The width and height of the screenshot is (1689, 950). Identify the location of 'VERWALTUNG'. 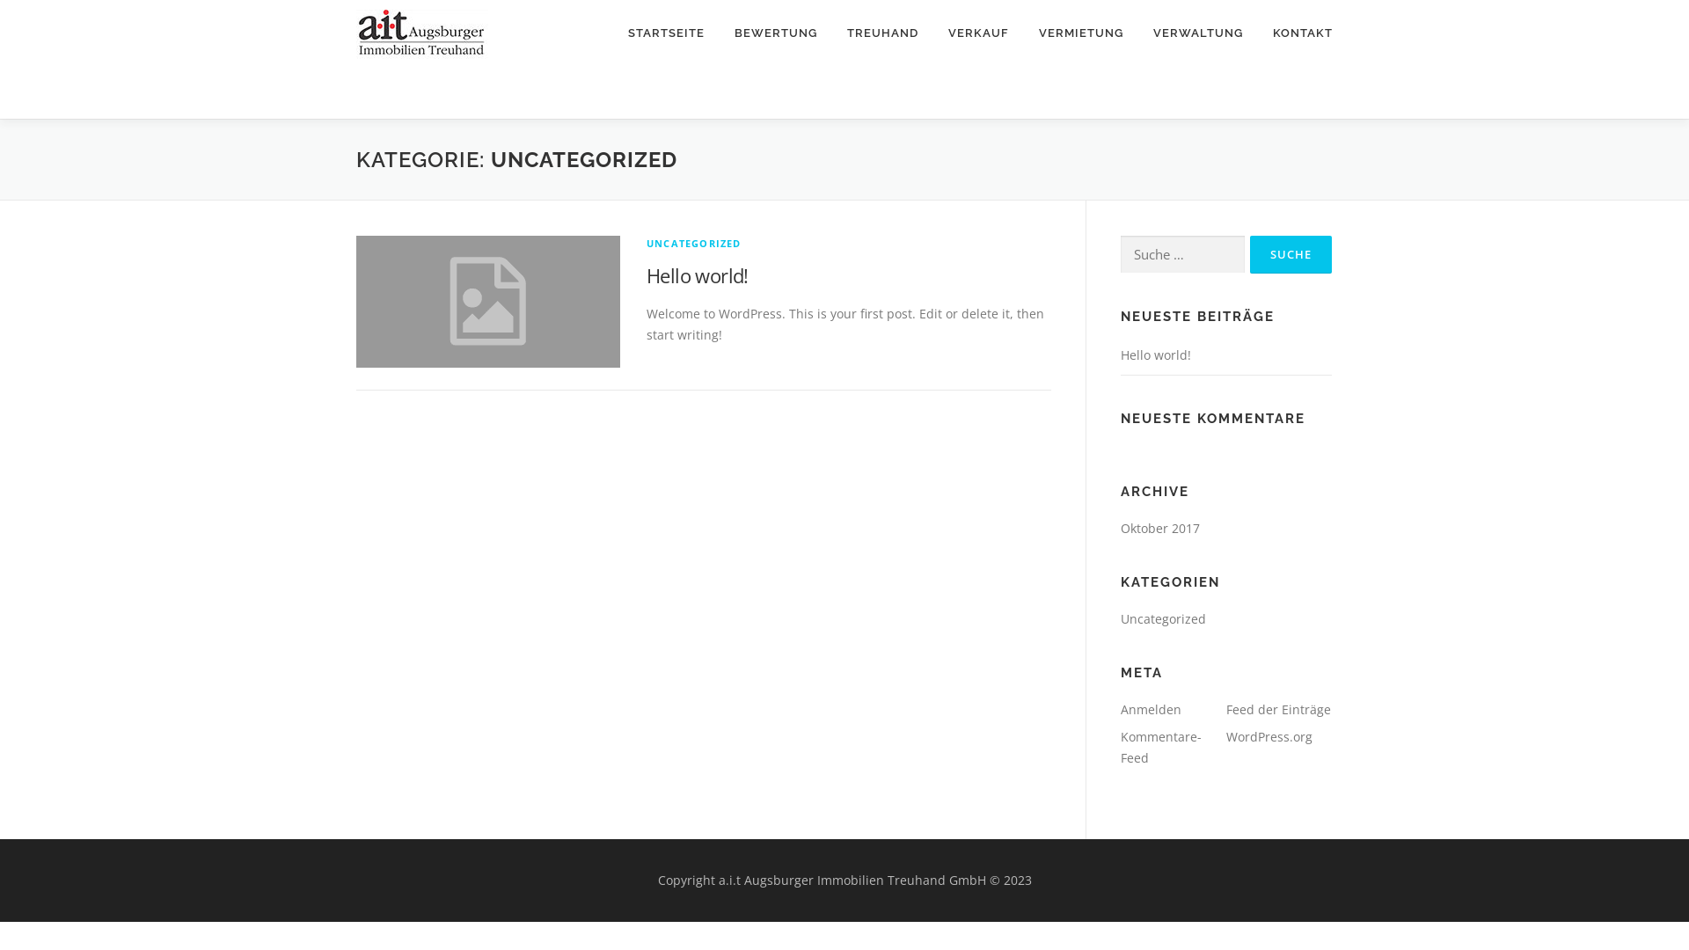
(1138, 33).